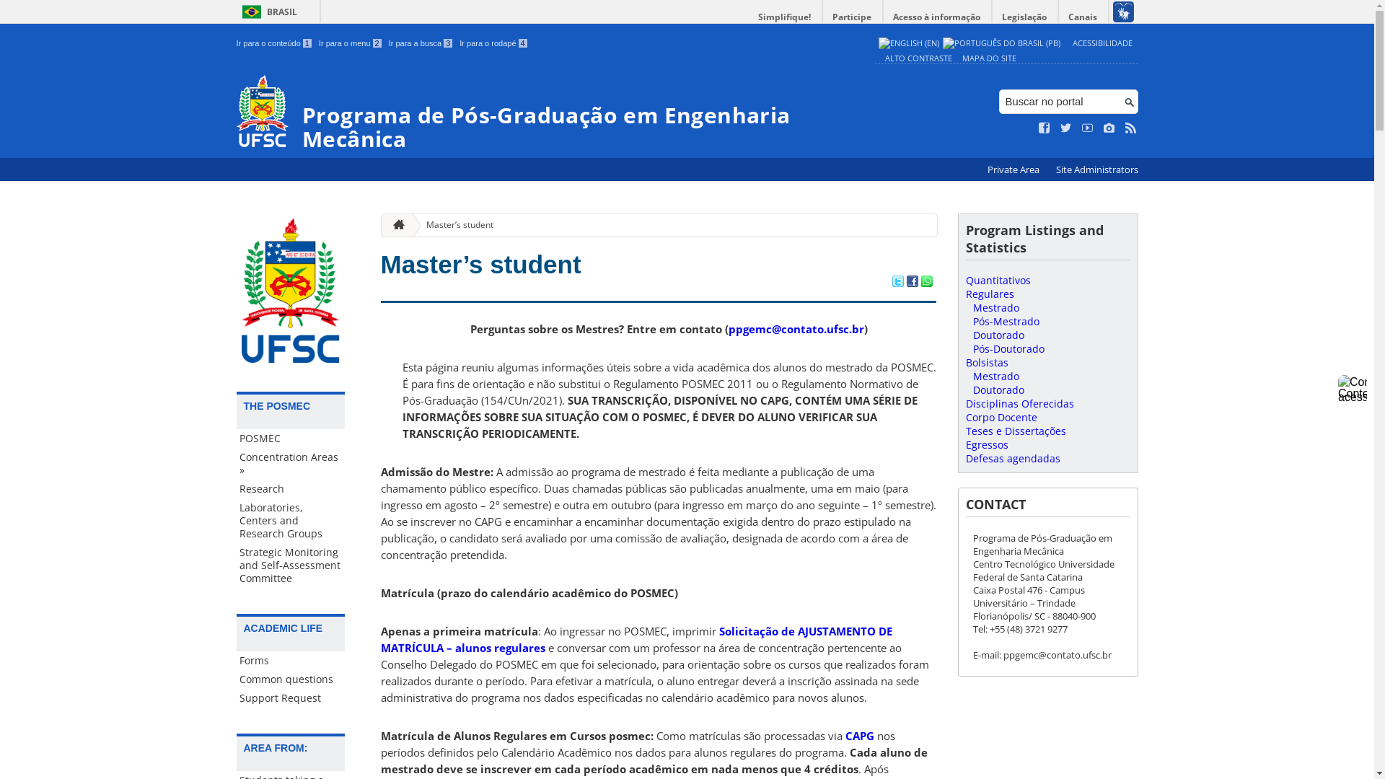  Describe the element at coordinates (1102, 42) in the screenshot. I see `'ACESSIBILIDADE'` at that location.